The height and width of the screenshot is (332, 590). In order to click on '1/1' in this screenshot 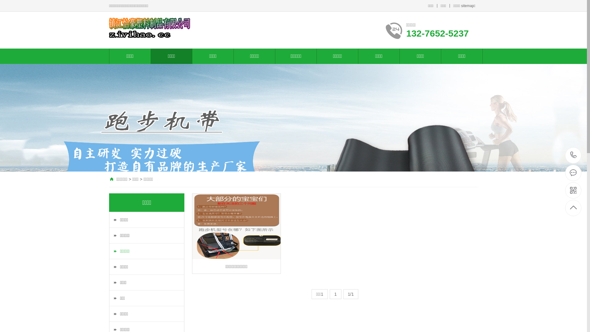, I will do `click(351, 294)`.